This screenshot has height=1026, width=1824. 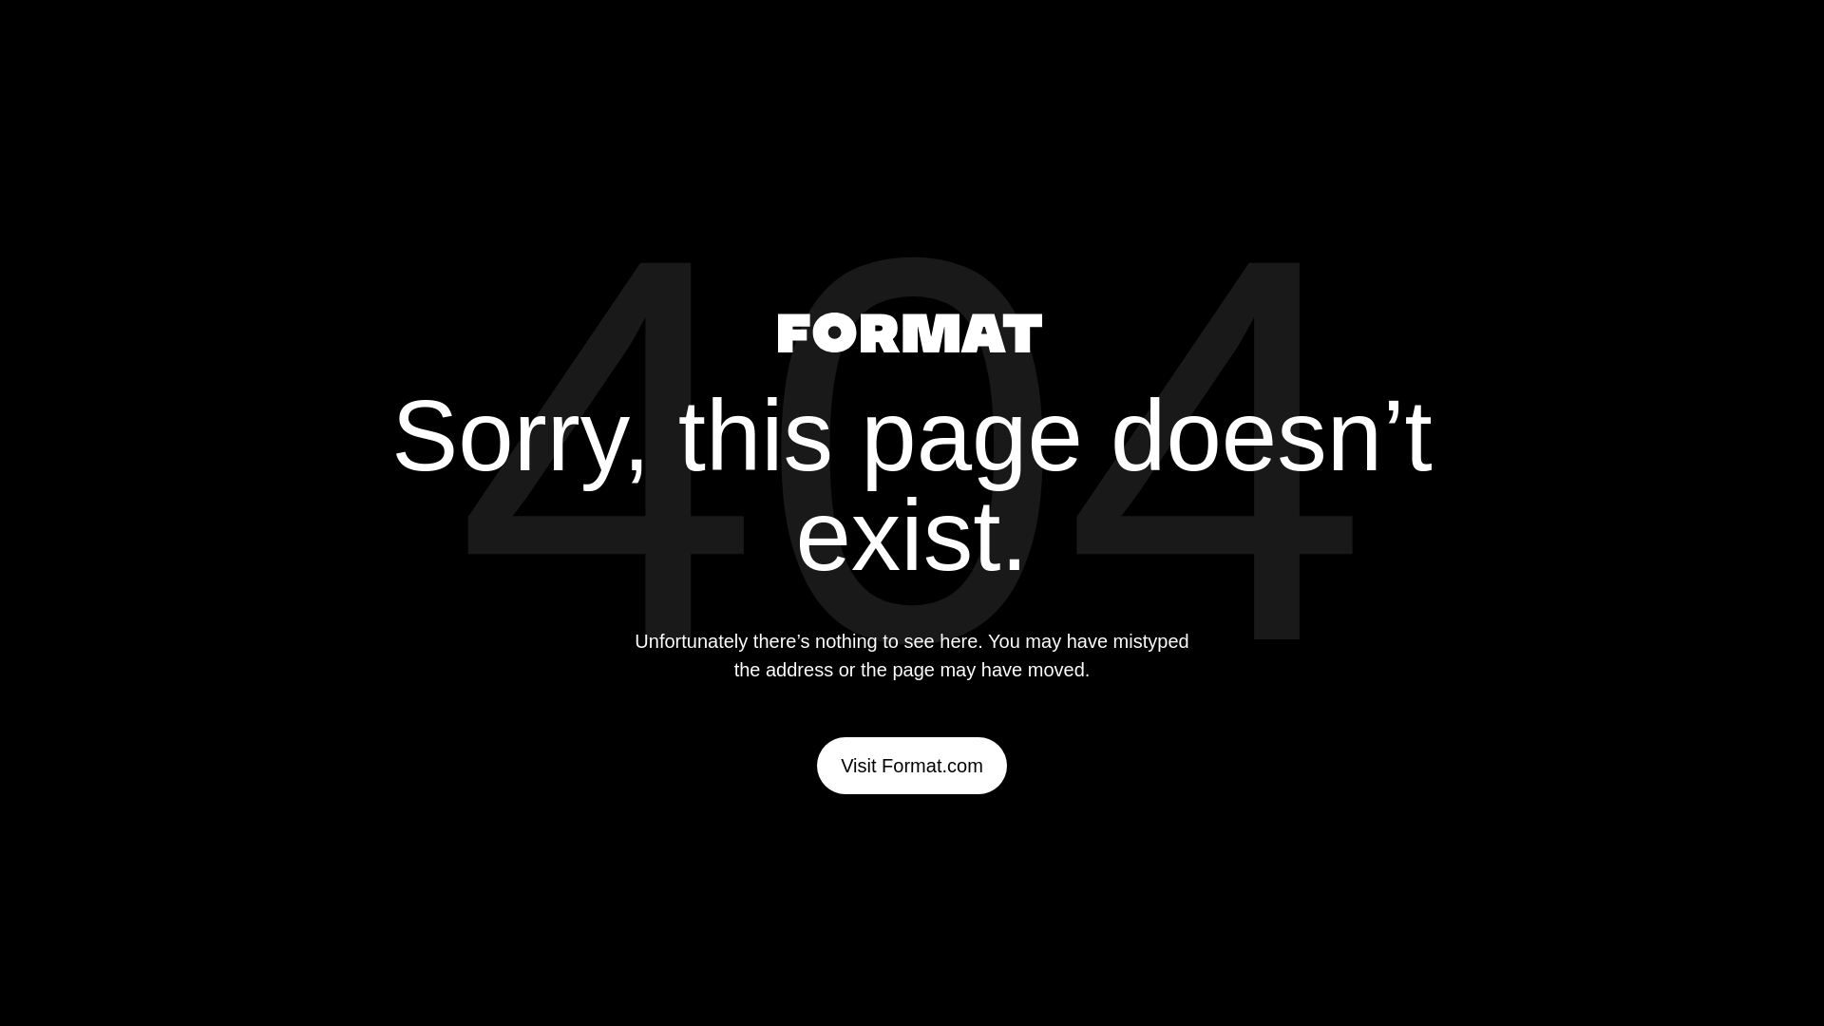 What do you see at coordinates (912, 765) in the screenshot?
I see `'Visit Format.com'` at bounding box center [912, 765].